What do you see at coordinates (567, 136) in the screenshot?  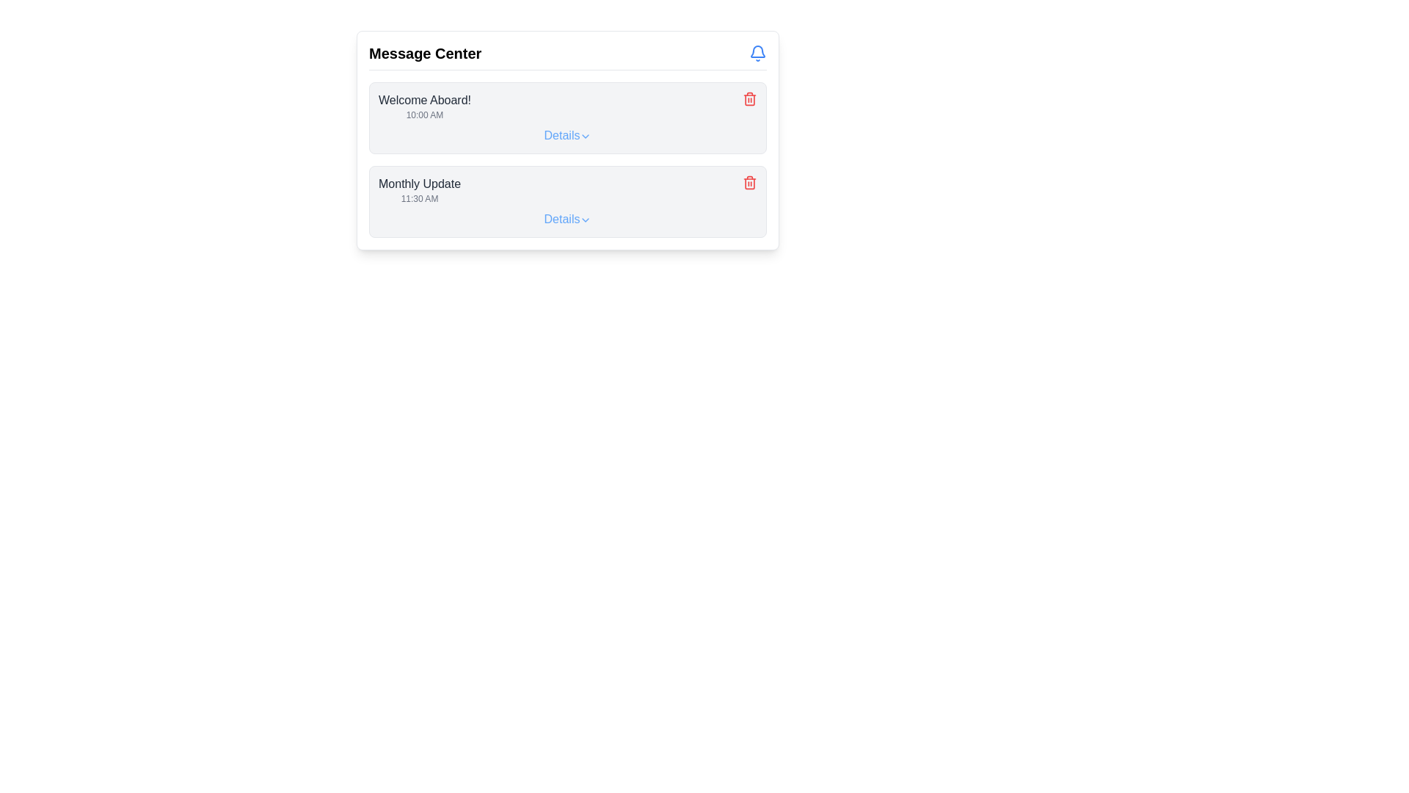 I see `the 'Details' link with an icon, which is styled with blue font color and an underline appearing on hover, located in the second row of the message list, adjacent to the delete icon` at bounding box center [567, 136].